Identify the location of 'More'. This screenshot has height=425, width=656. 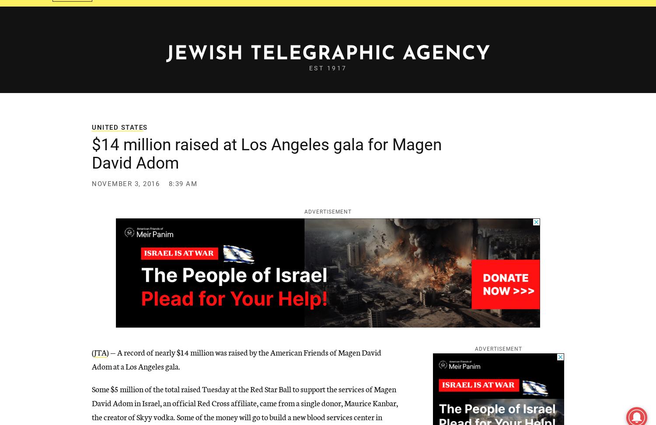
(341, 11).